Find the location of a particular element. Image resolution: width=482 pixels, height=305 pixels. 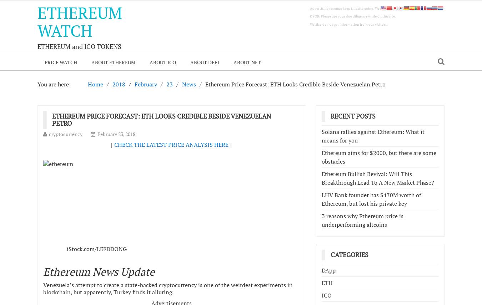

'CHECK THE LATEST PRICE ANALYSIS HERE' is located at coordinates (171, 144).